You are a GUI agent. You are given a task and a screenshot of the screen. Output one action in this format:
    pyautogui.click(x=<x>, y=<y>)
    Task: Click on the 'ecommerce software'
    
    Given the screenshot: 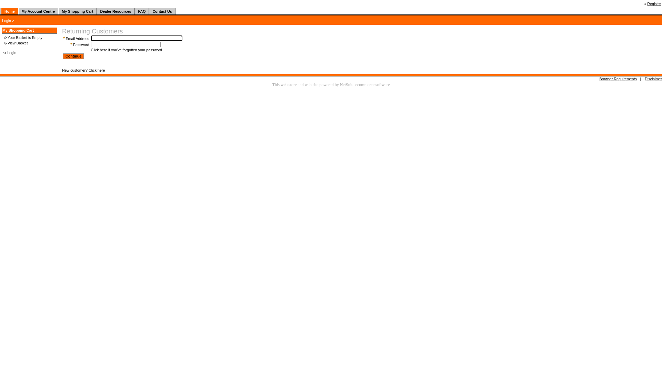 What is the action you would take?
    pyautogui.click(x=372, y=84)
    